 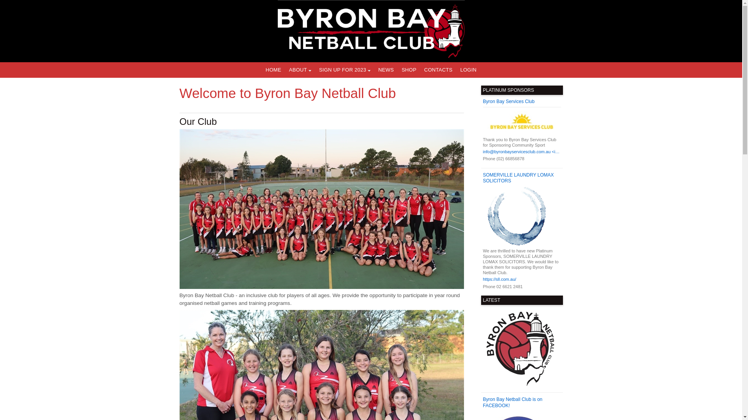 I want to click on 'LOGIN', so click(x=467, y=70).